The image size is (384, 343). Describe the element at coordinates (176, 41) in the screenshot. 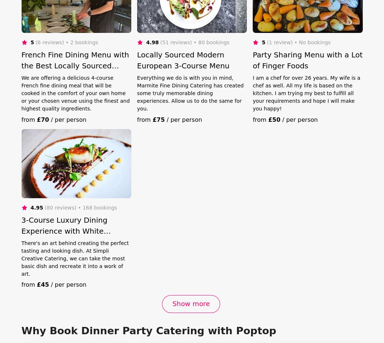

I see `'(51 reviews)'` at that location.